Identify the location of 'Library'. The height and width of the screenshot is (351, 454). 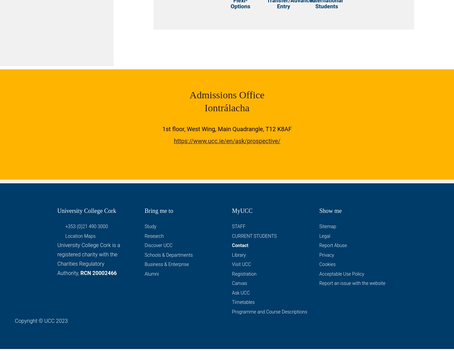
(239, 256).